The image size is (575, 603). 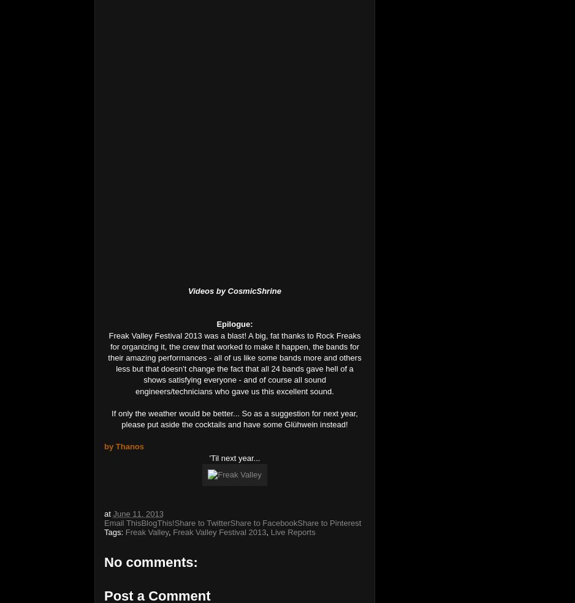 What do you see at coordinates (140, 522) in the screenshot?
I see `'BlogThis!'` at bounding box center [140, 522].